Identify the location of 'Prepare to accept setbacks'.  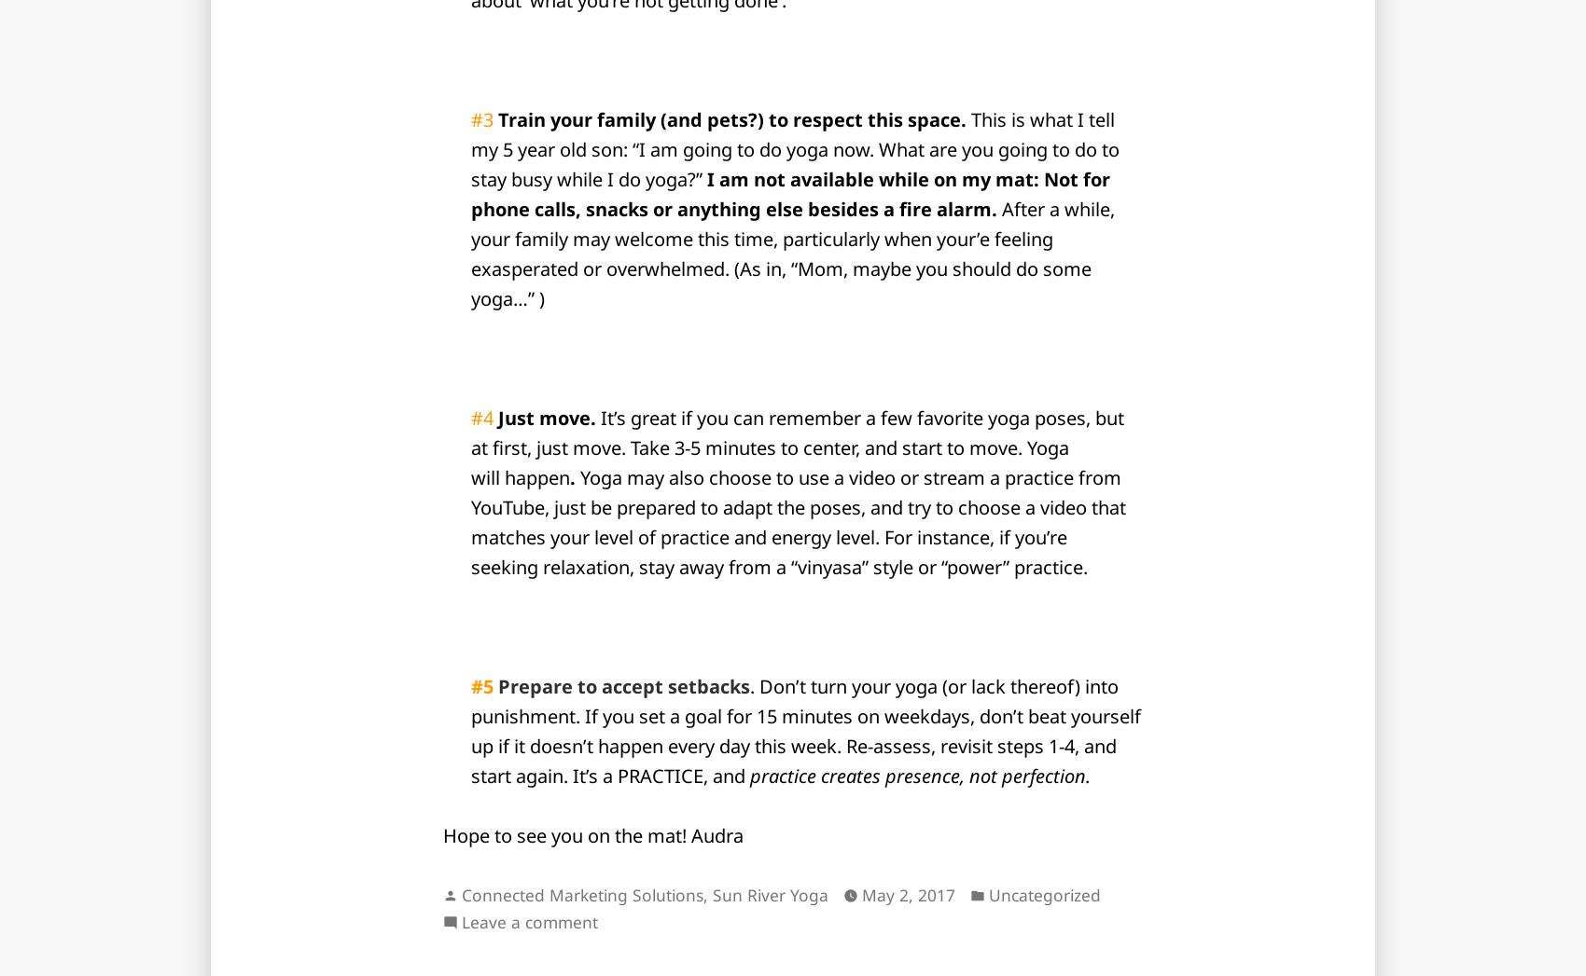
(623, 686).